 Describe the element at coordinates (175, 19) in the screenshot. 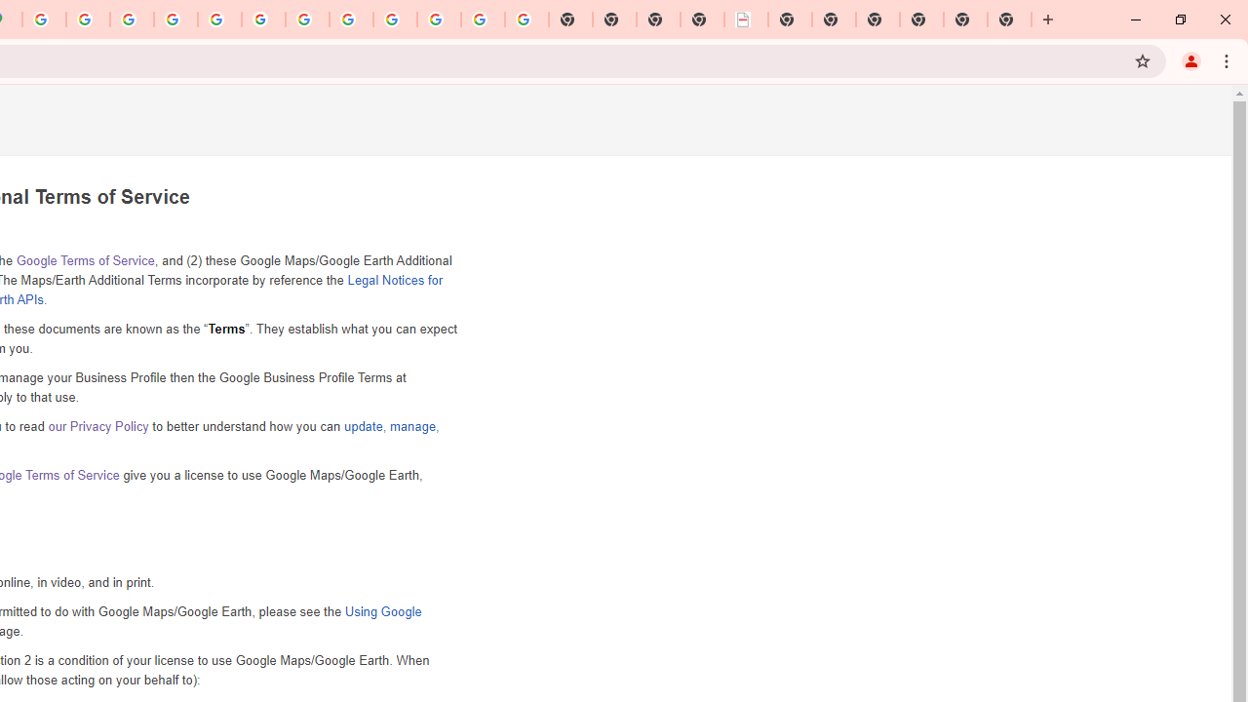

I see `'Privacy Help Center - Policies Help'` at that location.